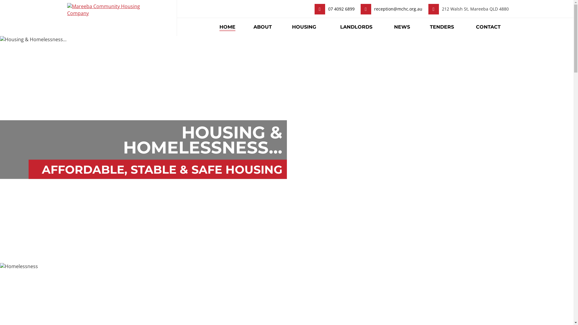 This screenshot has width=578, height=325. What do you see at coordinates (263, 26) in the screenshot?
I see `'ABOUT'` at bounding box center [263, 26].